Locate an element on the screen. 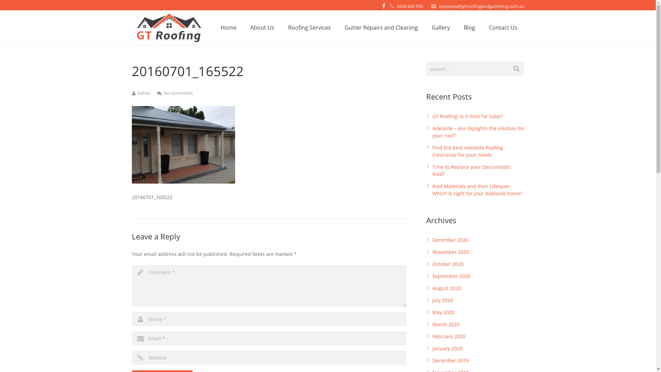 The width and height of the screenshot is (661, 372). 'Gallery' is located at coordinates (441, 27).